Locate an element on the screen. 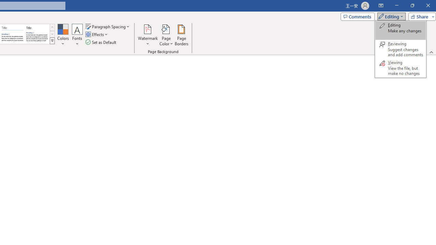 This screenshot has height=245, width=436. 'Page Color' is located at coordinates (166, 35).